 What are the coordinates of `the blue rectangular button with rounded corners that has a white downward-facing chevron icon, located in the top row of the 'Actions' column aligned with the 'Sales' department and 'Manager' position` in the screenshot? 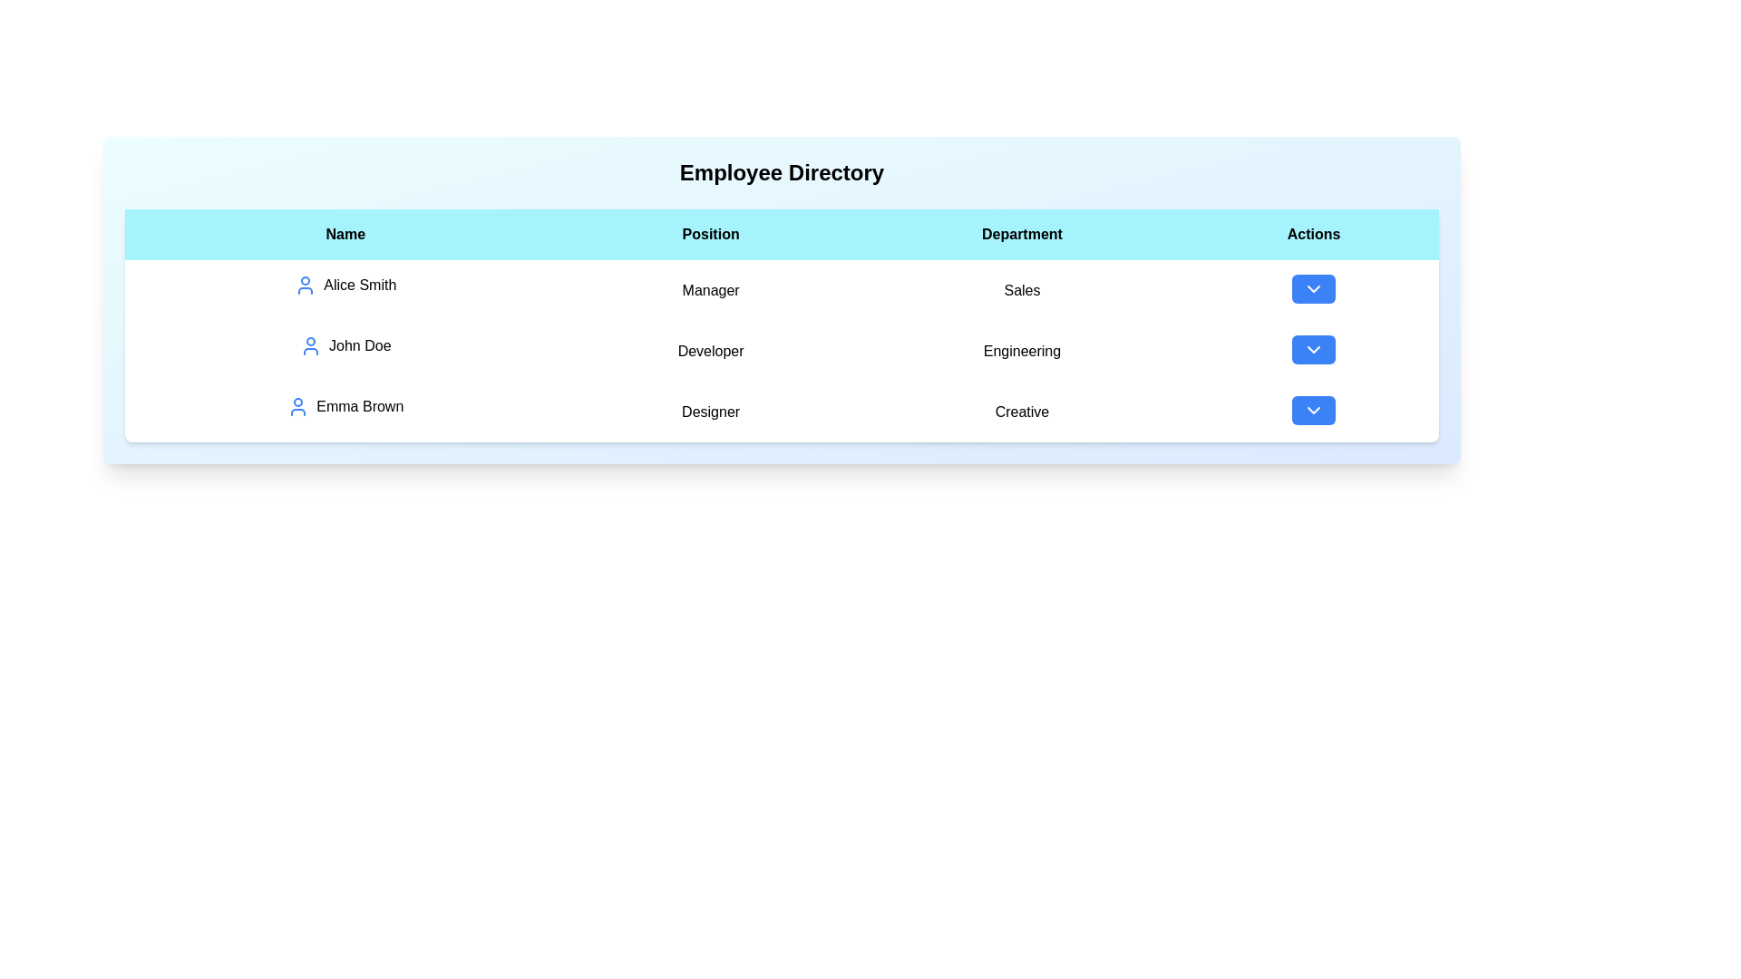 It's located at (1314, 288).